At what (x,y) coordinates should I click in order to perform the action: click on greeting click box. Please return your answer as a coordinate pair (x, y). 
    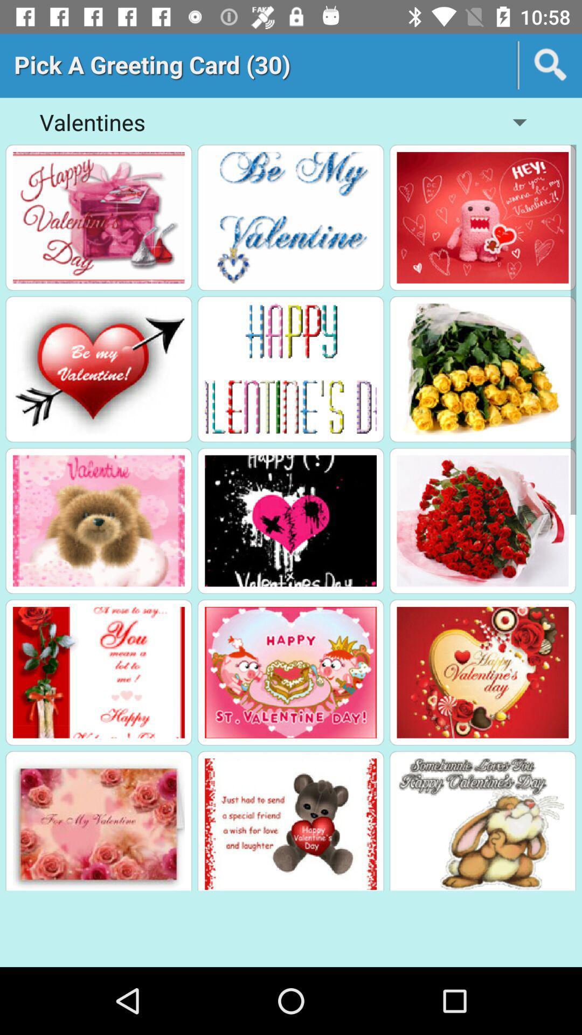
    Looking at the image, I should click on (290, 369).